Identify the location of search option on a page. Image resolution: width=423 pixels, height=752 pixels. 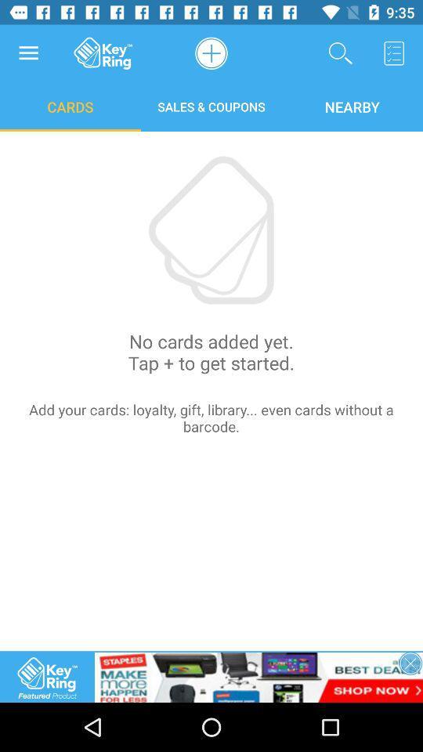
(340, 53).